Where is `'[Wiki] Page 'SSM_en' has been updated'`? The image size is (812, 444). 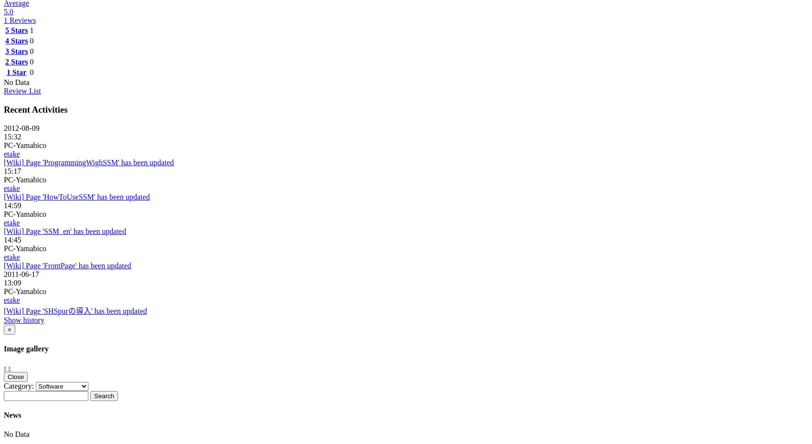 '[Wiki] Page 'SSM_en' has been updated' is located at coordinates (64, 230).